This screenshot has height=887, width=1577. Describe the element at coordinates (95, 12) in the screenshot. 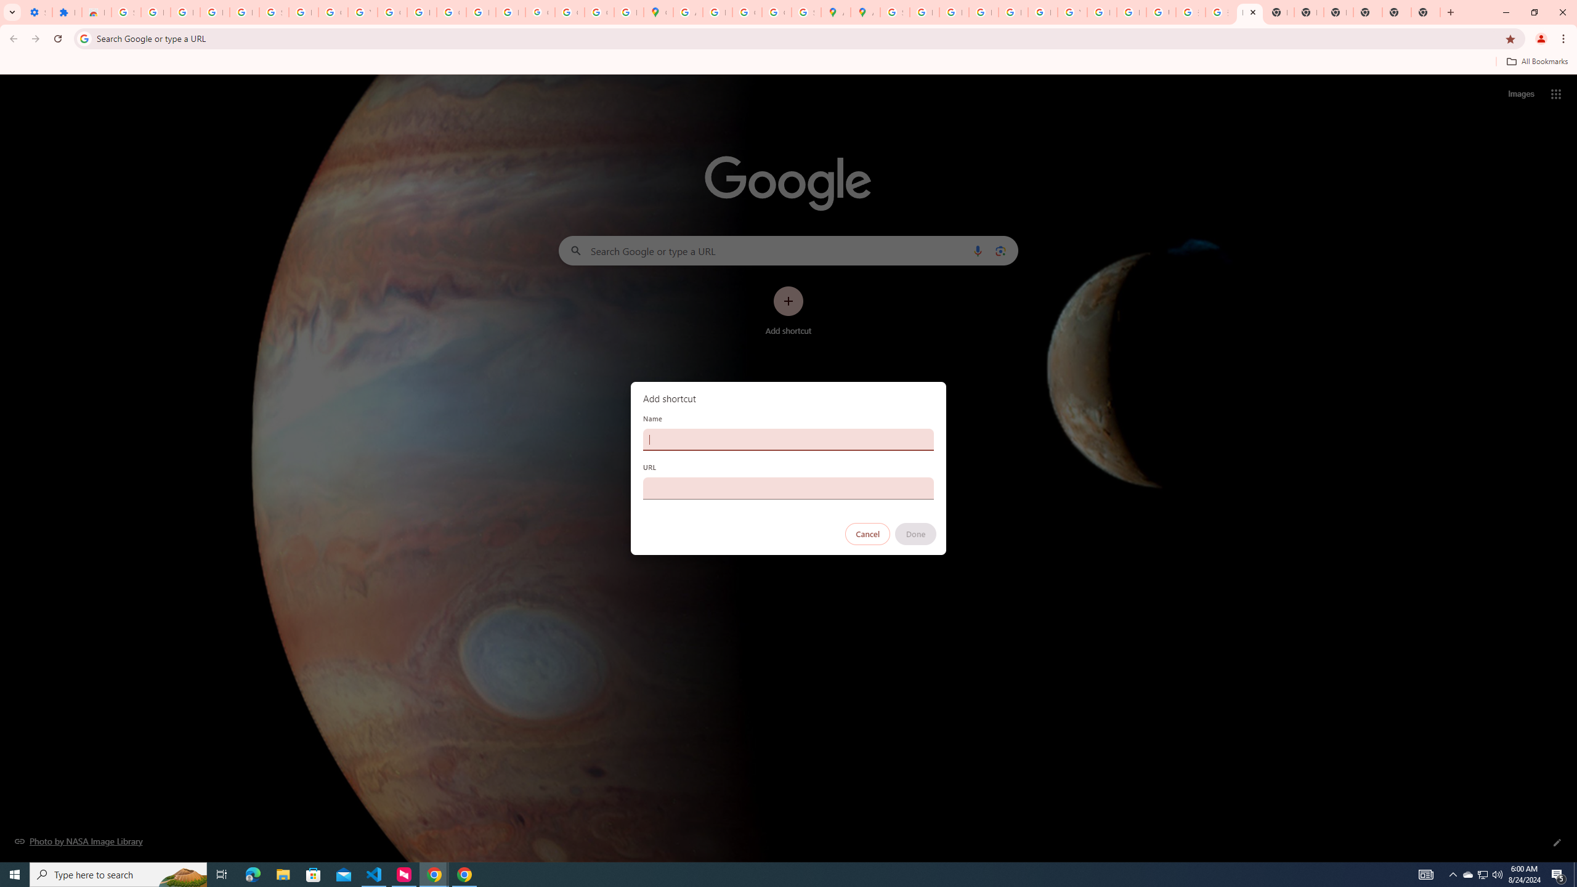

I see `'Reviews: Helix Fruit Jump Arcade Game'` at that location.